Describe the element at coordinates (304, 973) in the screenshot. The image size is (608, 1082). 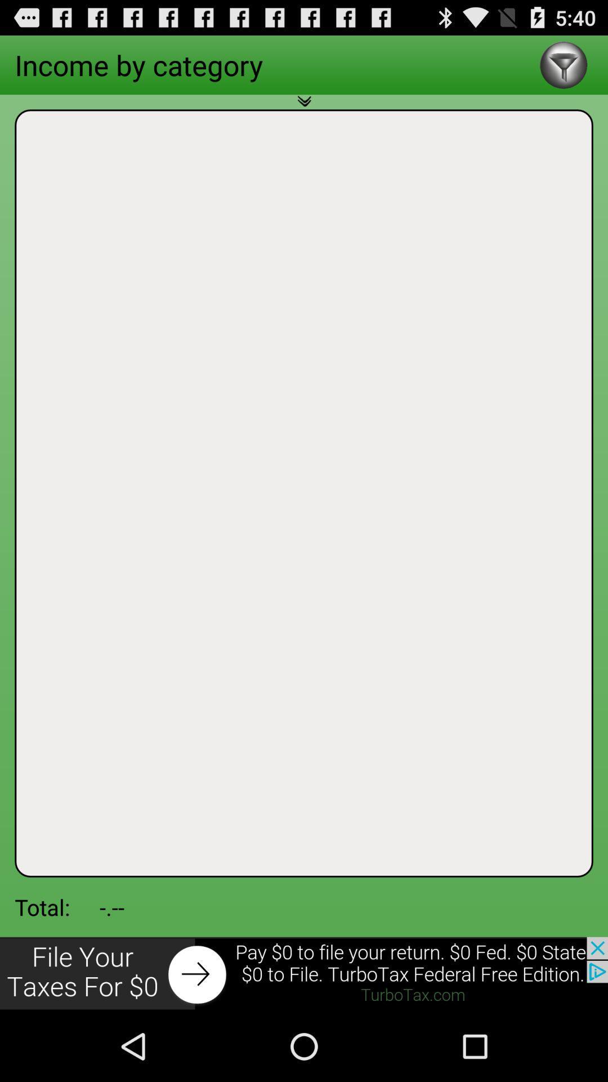
I see `click the advertisement at bottom` at that location.